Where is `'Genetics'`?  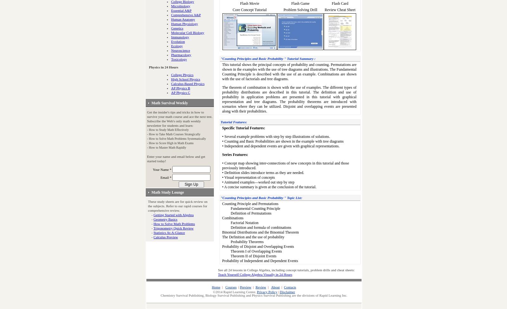 'Genetics' is located at coordinates (177, 28).